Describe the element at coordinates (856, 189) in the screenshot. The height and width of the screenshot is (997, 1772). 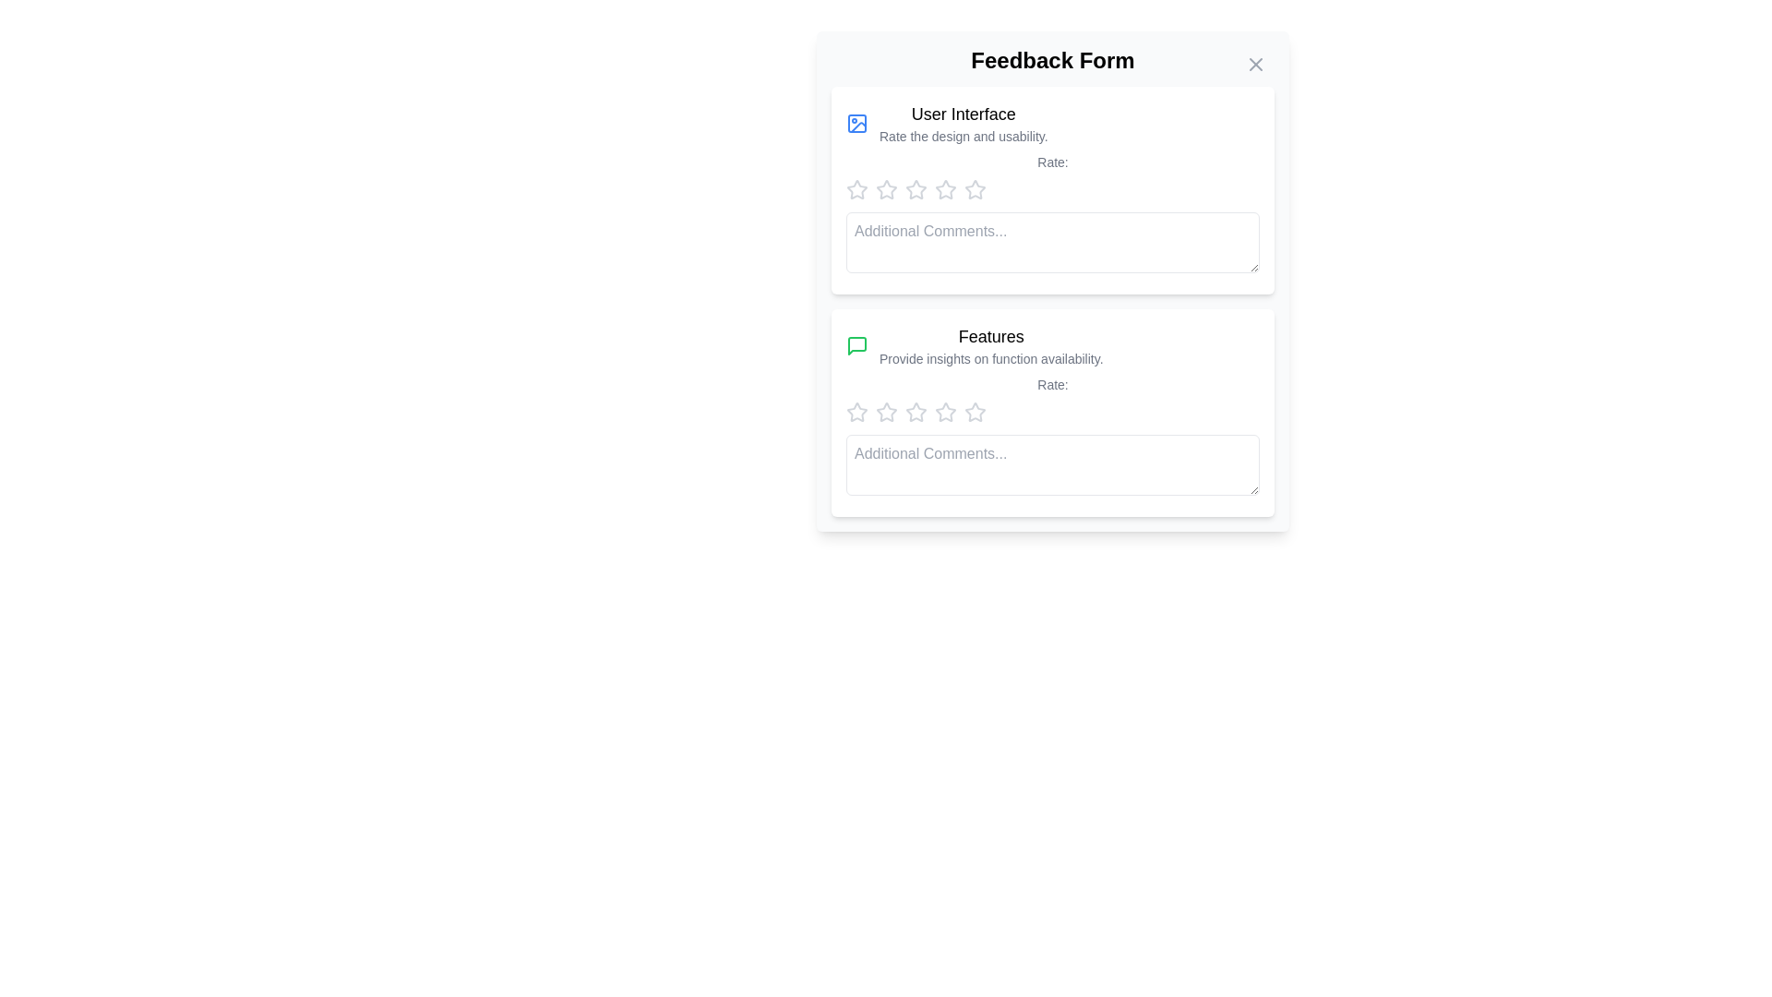
I see `on the first star icon in the rating section of the User Interface feedback block` at that location.